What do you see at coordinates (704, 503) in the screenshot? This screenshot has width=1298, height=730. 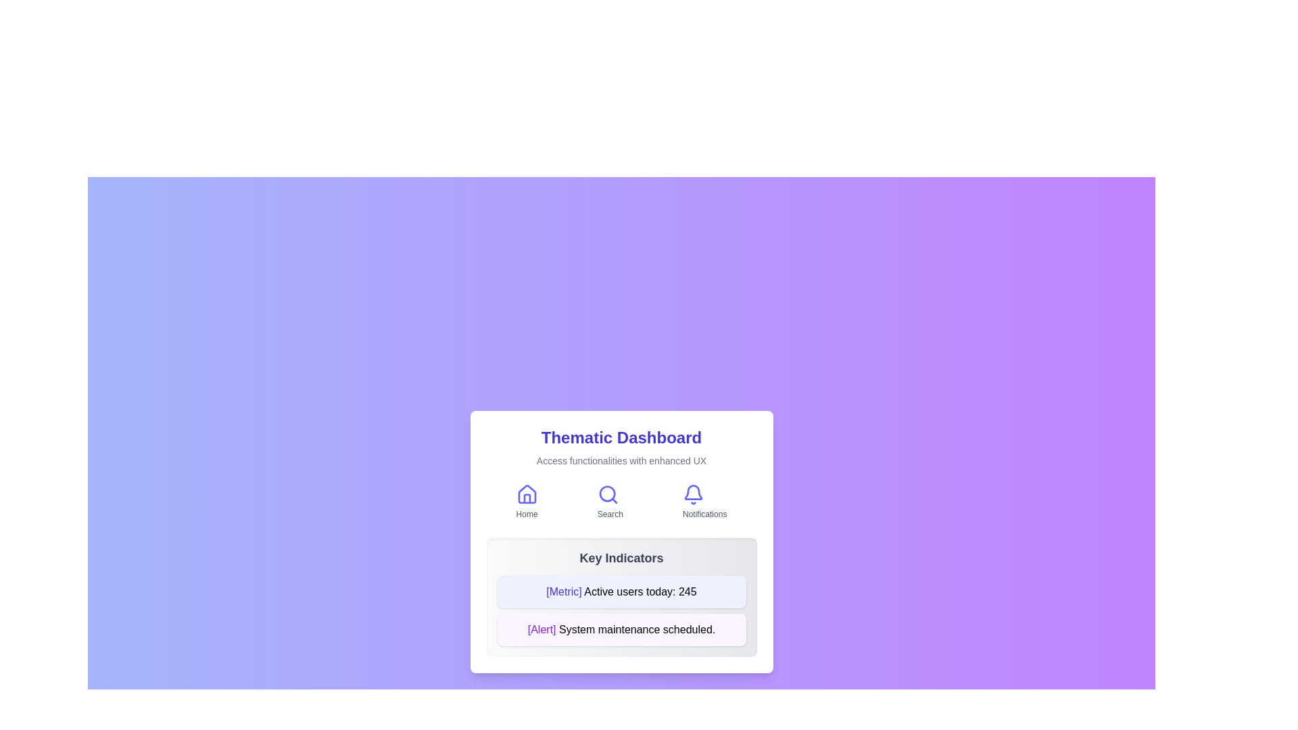 I see `the notifications button, which is the third button in a horizontal layout at the top section of the card, located to the right of the 'Search' button` at bounding box center [704, 503].